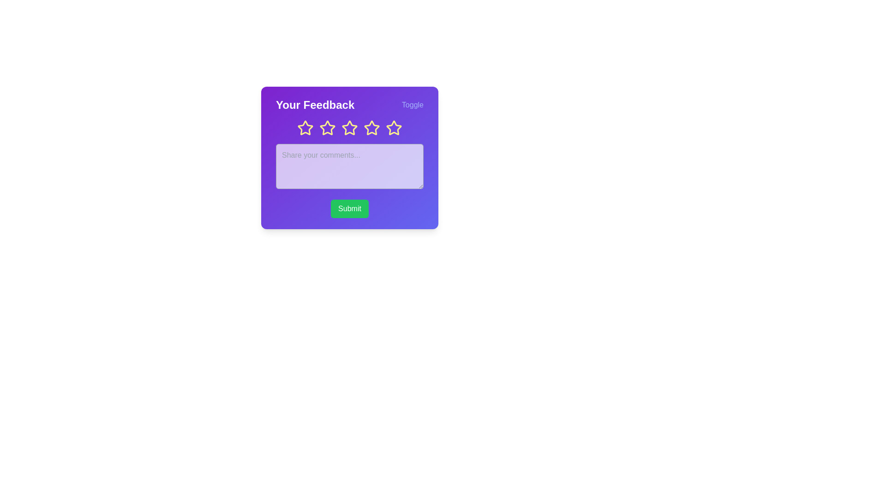  Describe the element at coordinates (394, 128) in the screenshot. I see `the fifth interactive star icon in the rating component` at that location.